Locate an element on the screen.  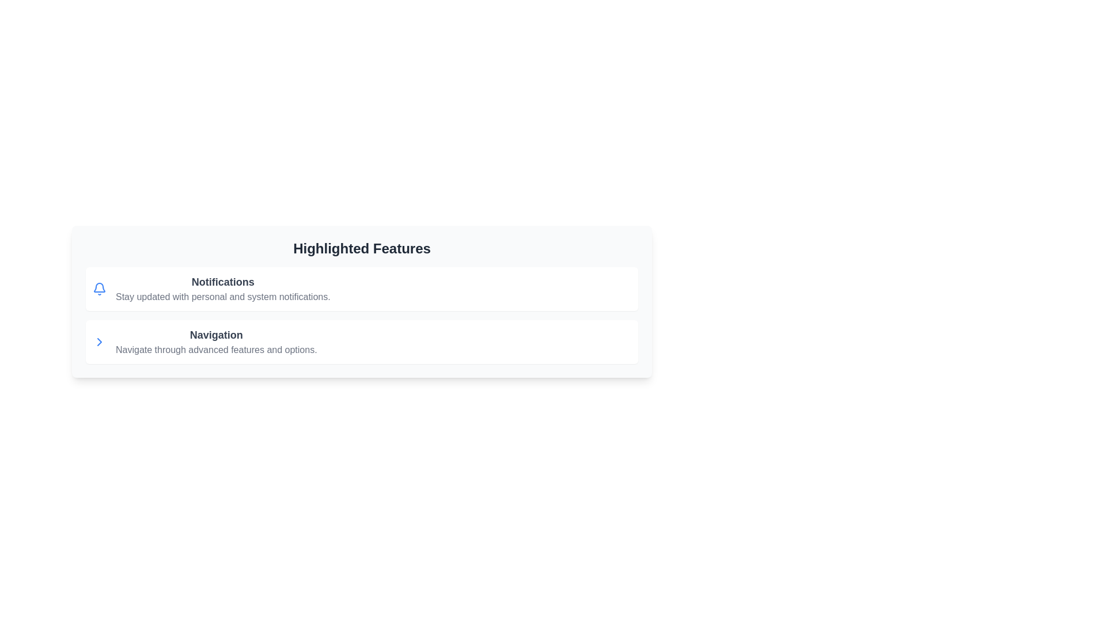
the 'Notifications' text label, which features a bold gray heading and lighter gray subtext, located under 'Highlighted Features' with a bell icon to the left is located at coordinates (223, 288).